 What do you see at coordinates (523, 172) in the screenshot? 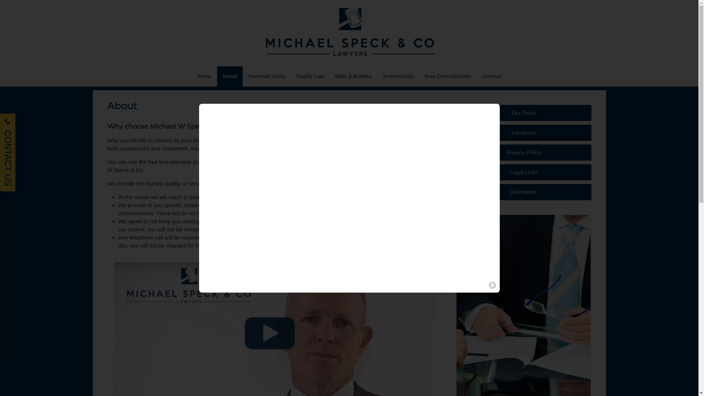
I see `'Legal Links'` at bounding box center [523, 172].